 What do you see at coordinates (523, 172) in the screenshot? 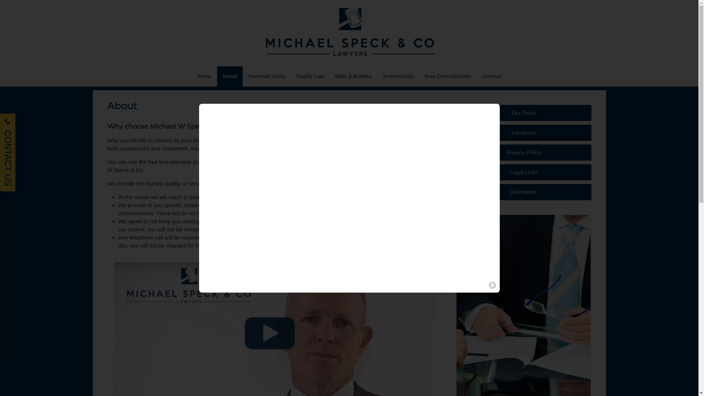
I see `'Legal Links'` at bounding box center [523, 172].